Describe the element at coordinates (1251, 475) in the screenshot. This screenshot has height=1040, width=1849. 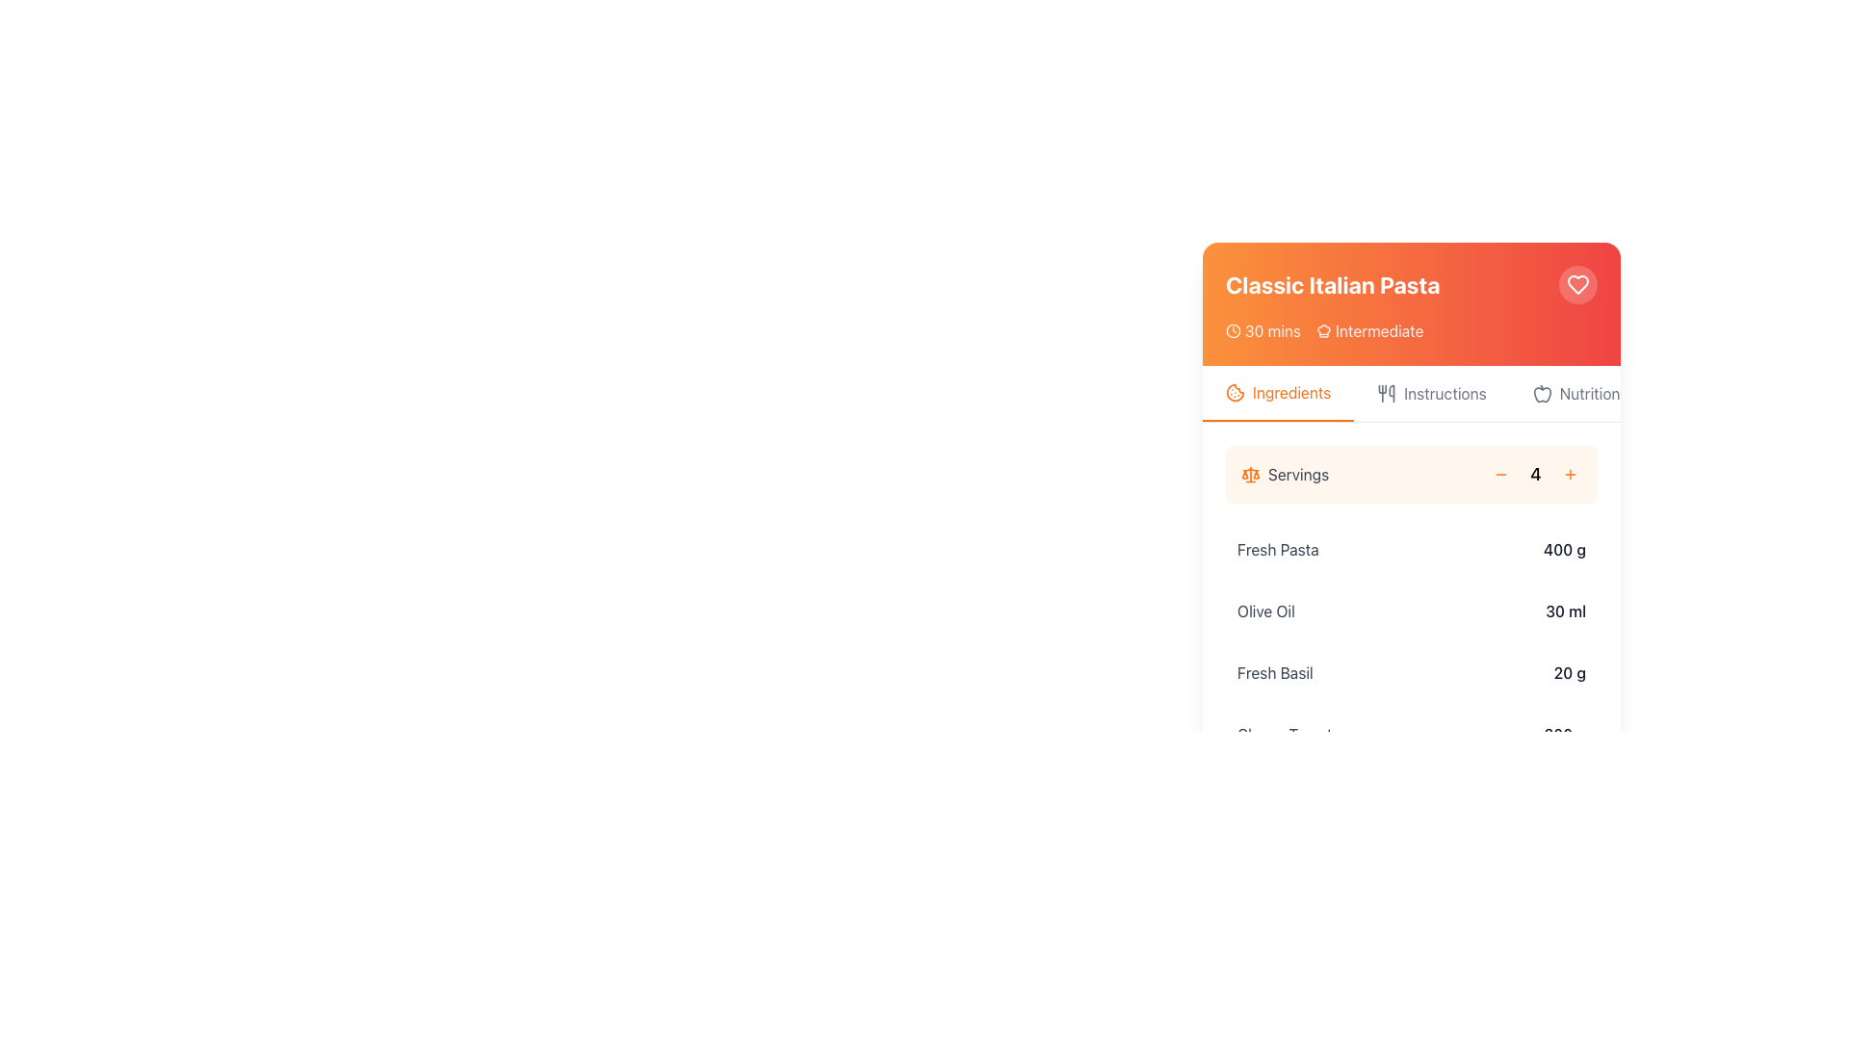
I see `the decorative scale icon located to the left of the 'Servings' label in the servings section` at that location.